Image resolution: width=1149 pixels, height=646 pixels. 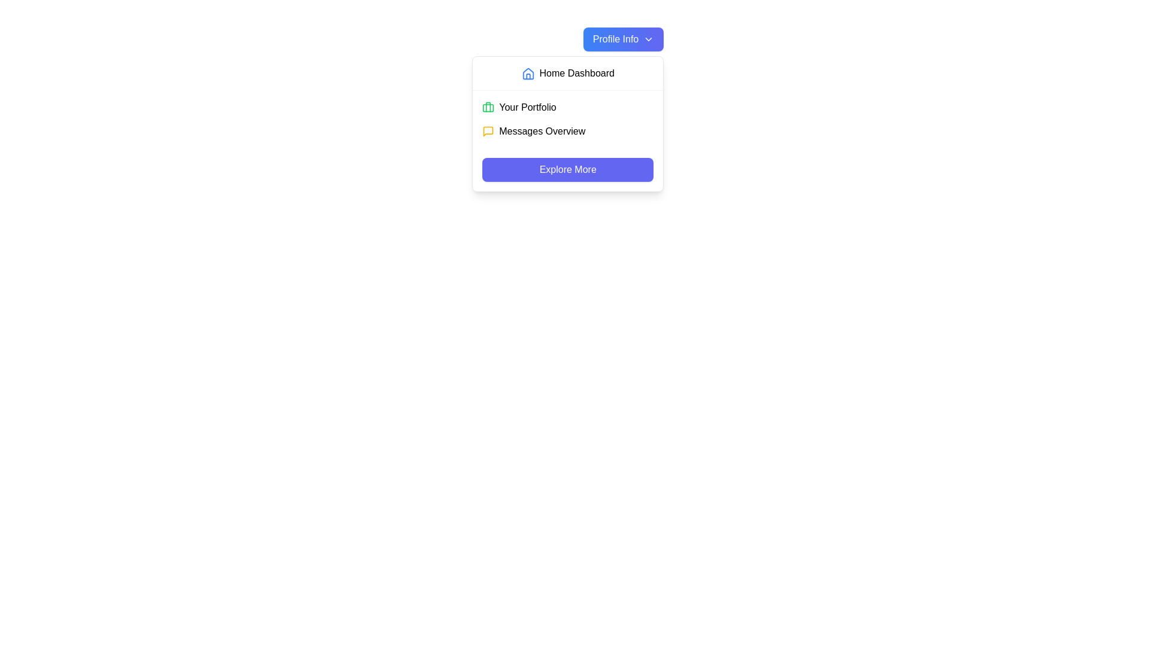 What do you see at coordinates (488, 131) in the screenshot?
I see `the yellow messaging bubble icon, which is the leftmost component in the 'Messages Overview' group` at bounding box center [488, 131].